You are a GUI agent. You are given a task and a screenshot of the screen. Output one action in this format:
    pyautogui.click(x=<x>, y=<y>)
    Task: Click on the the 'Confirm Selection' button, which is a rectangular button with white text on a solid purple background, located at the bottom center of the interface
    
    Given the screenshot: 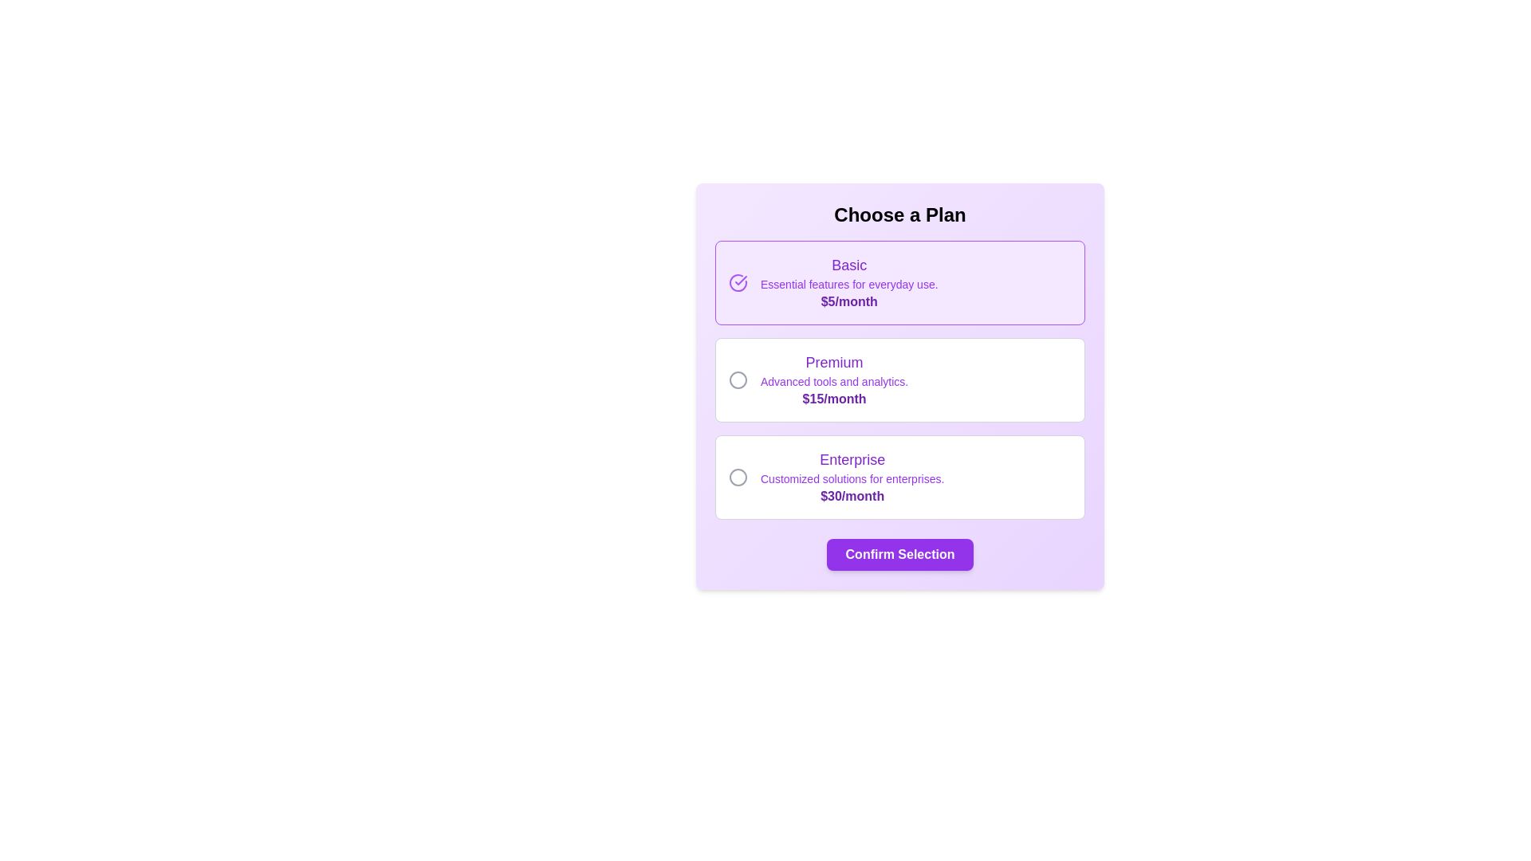 What is the action you would take?
    pyautogui.click(x=899, y=553)
    